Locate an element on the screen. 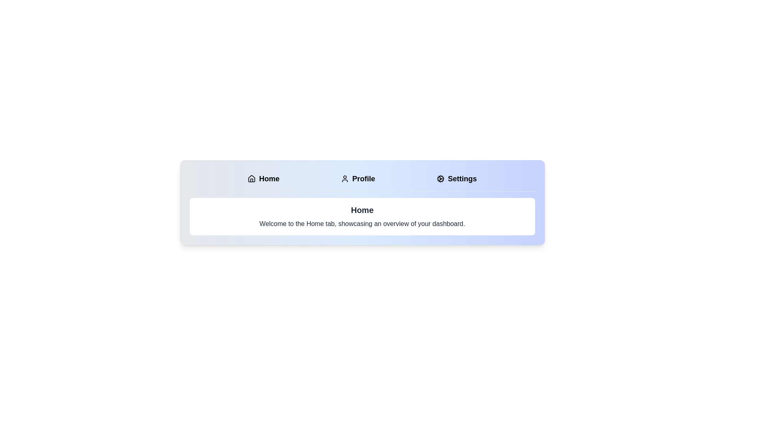  the informational Text block that describes the 'Home' section of the application, located underneath the tab navigation and above the buttons labeled 'Home,' 'Profile,' and 'Settings.' is located at coordinates (362, 216).